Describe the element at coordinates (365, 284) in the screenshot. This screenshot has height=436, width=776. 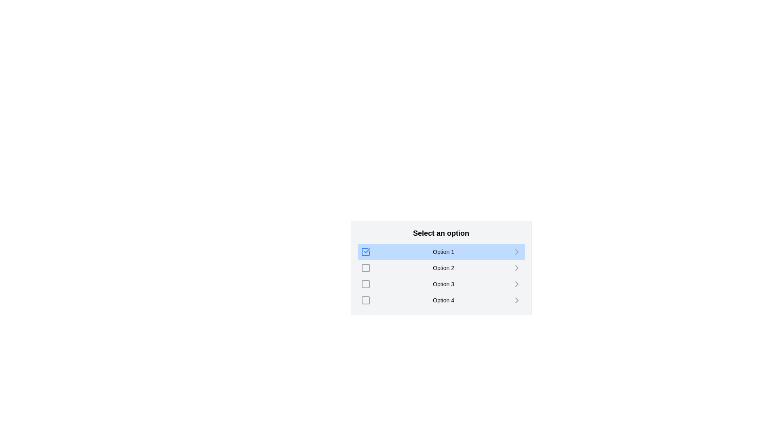
I see `the interactive checkbox for 'Option 3'` at that location.